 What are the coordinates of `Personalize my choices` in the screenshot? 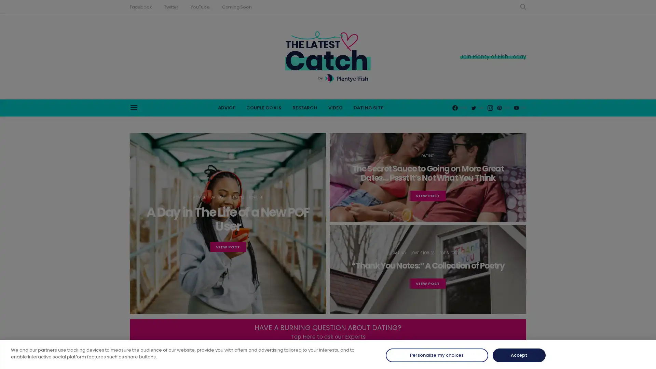 It's located at (436, 355).